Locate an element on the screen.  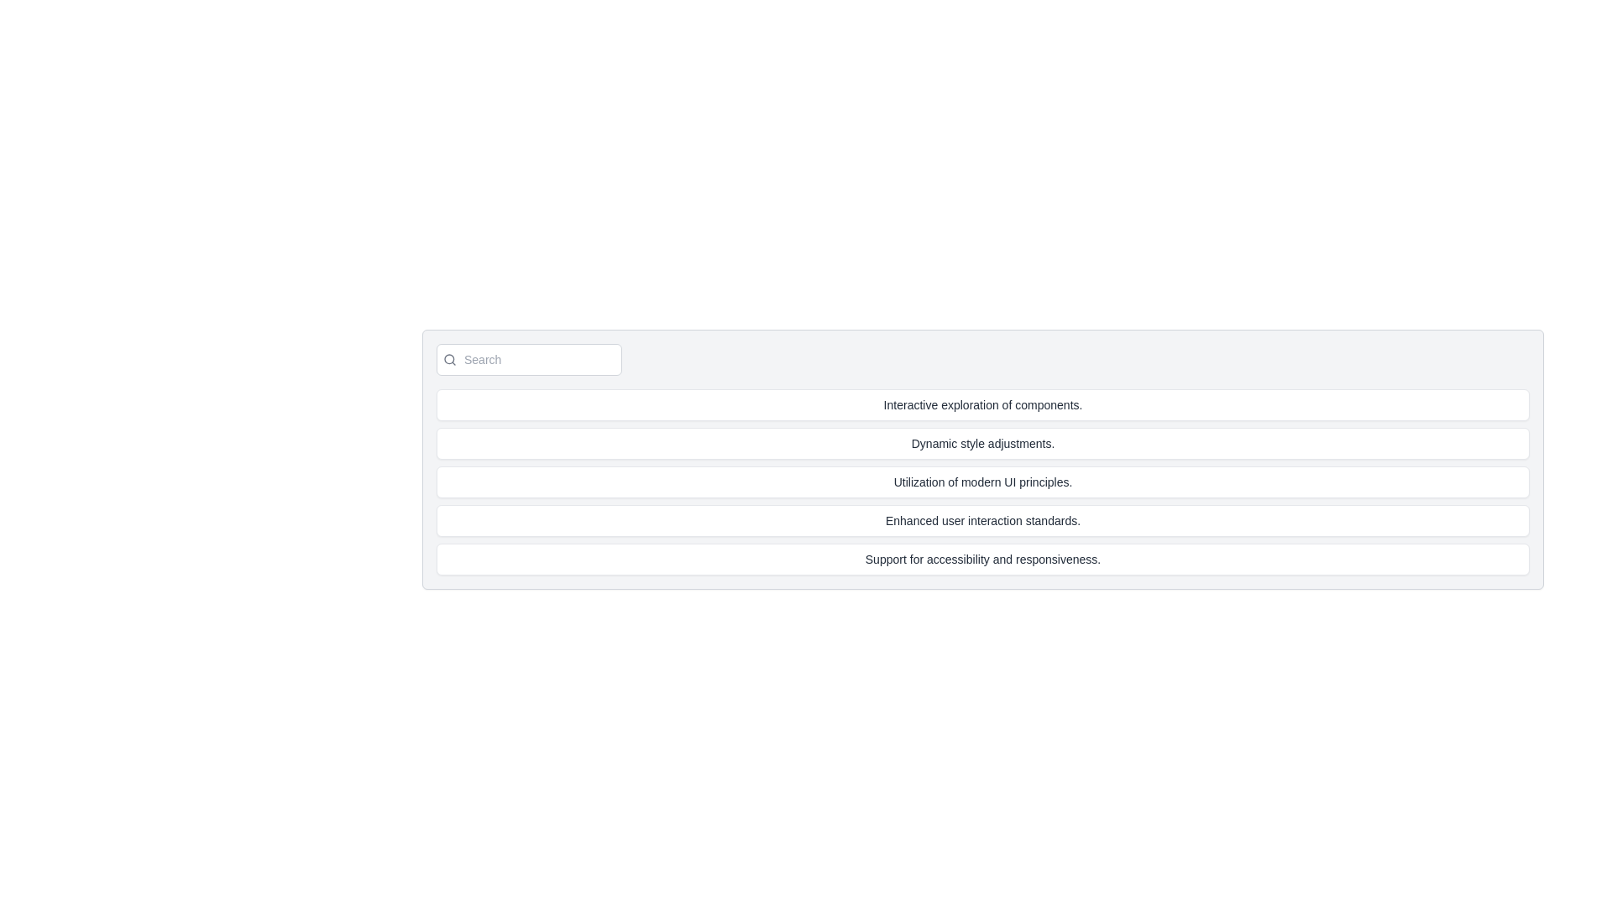
the text character 'r' in the string "Enhanced user interaction standards." located in the fourth row of the interface is located at coordinates (1062, 520).